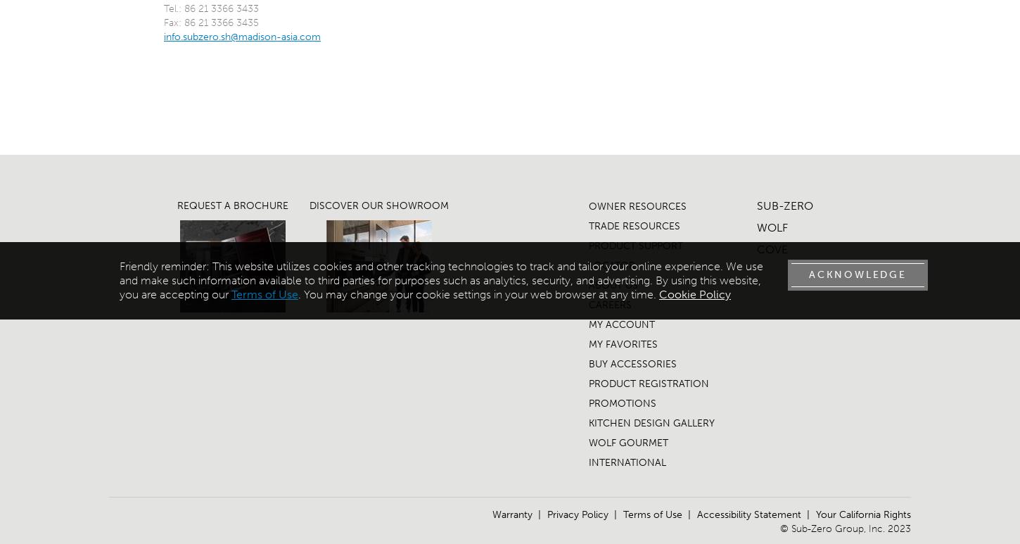 The image size is (1020, 544). I want to click on 'BUY ACCESSORIES', so click(588, 364).